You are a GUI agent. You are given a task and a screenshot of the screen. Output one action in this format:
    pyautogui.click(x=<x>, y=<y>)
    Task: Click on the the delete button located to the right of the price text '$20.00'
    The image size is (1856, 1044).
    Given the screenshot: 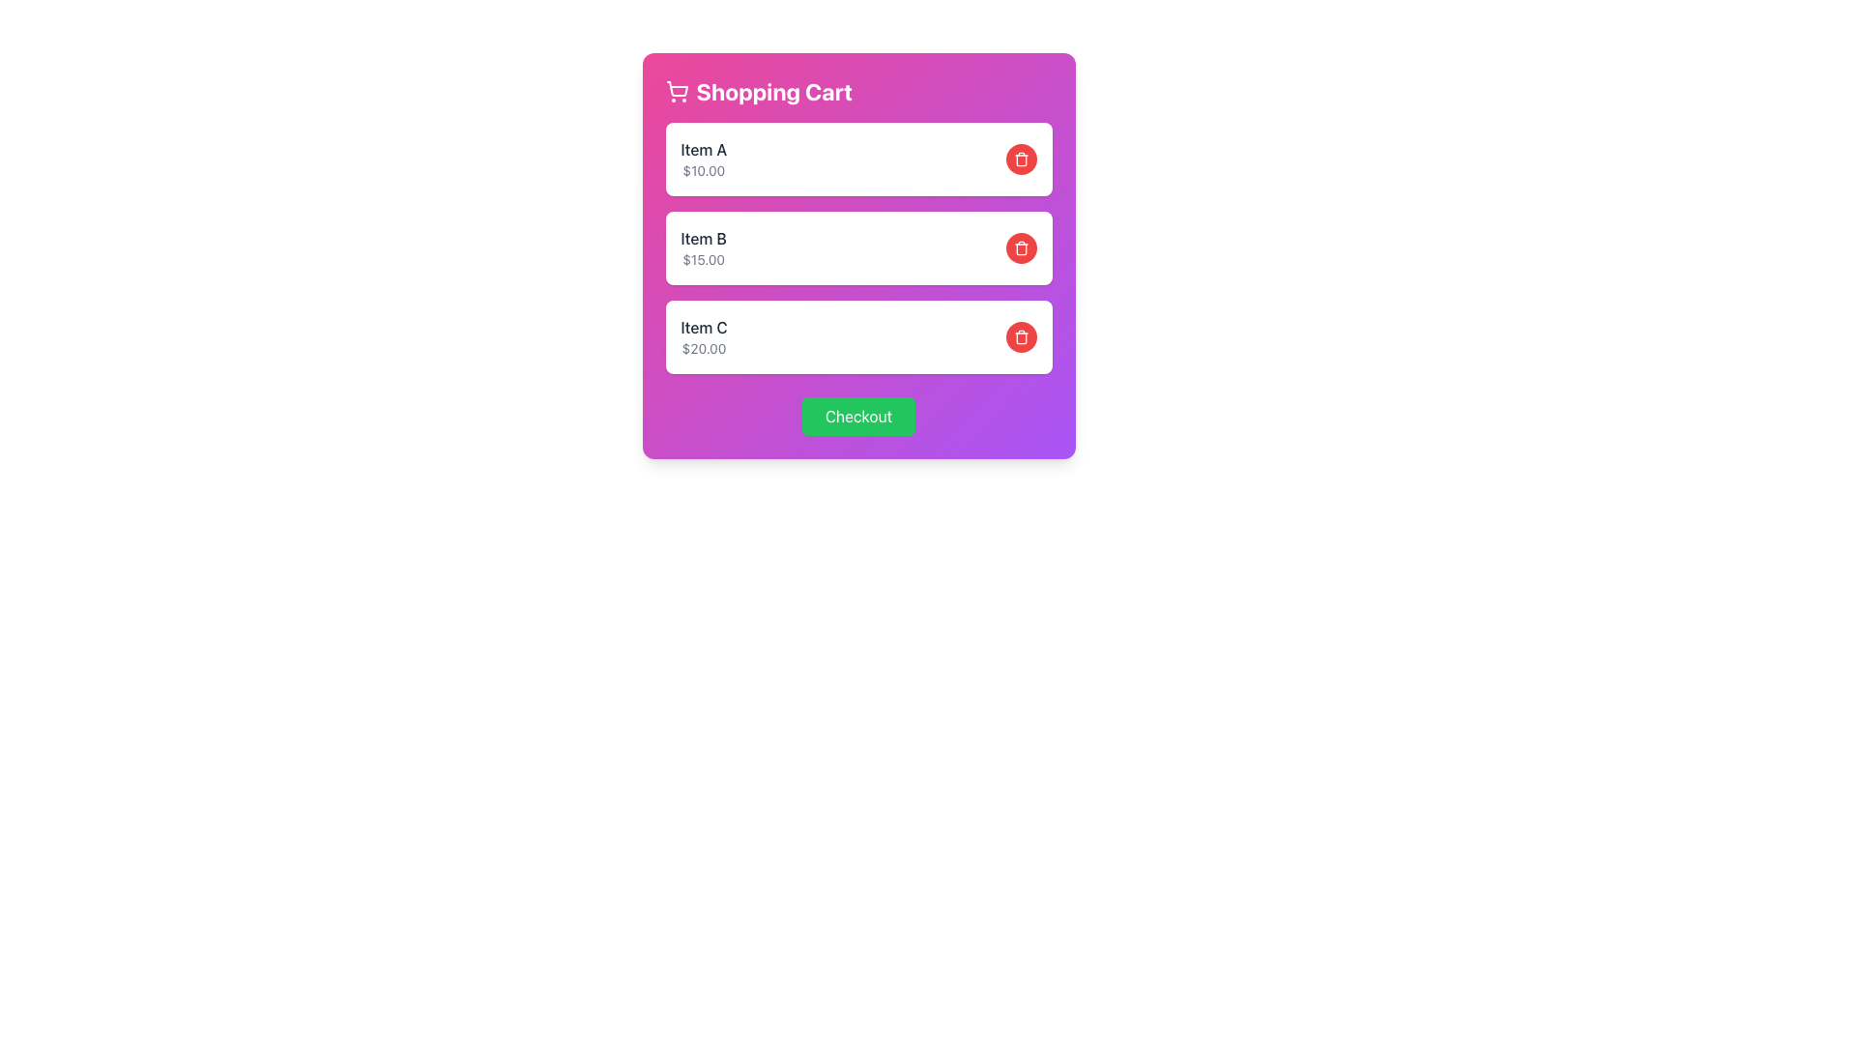 What is the action you would take?
    pyautogui.click(x=1020, y=335)
    